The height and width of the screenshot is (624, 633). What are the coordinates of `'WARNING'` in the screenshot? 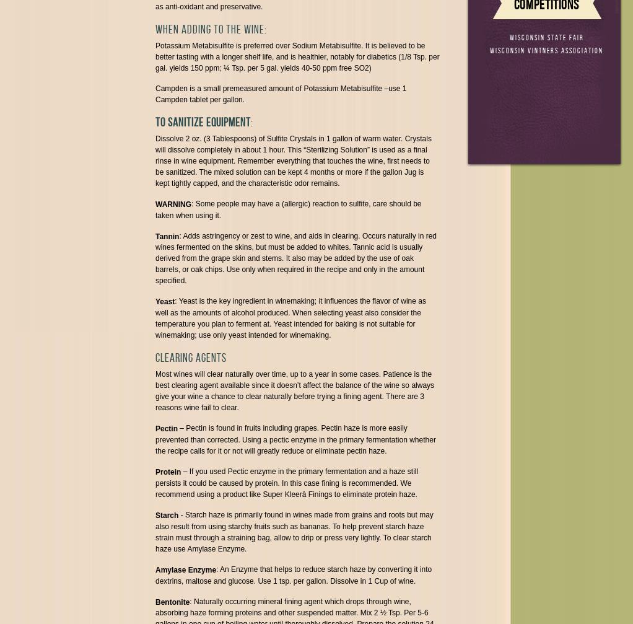 It's located at (155, 203).